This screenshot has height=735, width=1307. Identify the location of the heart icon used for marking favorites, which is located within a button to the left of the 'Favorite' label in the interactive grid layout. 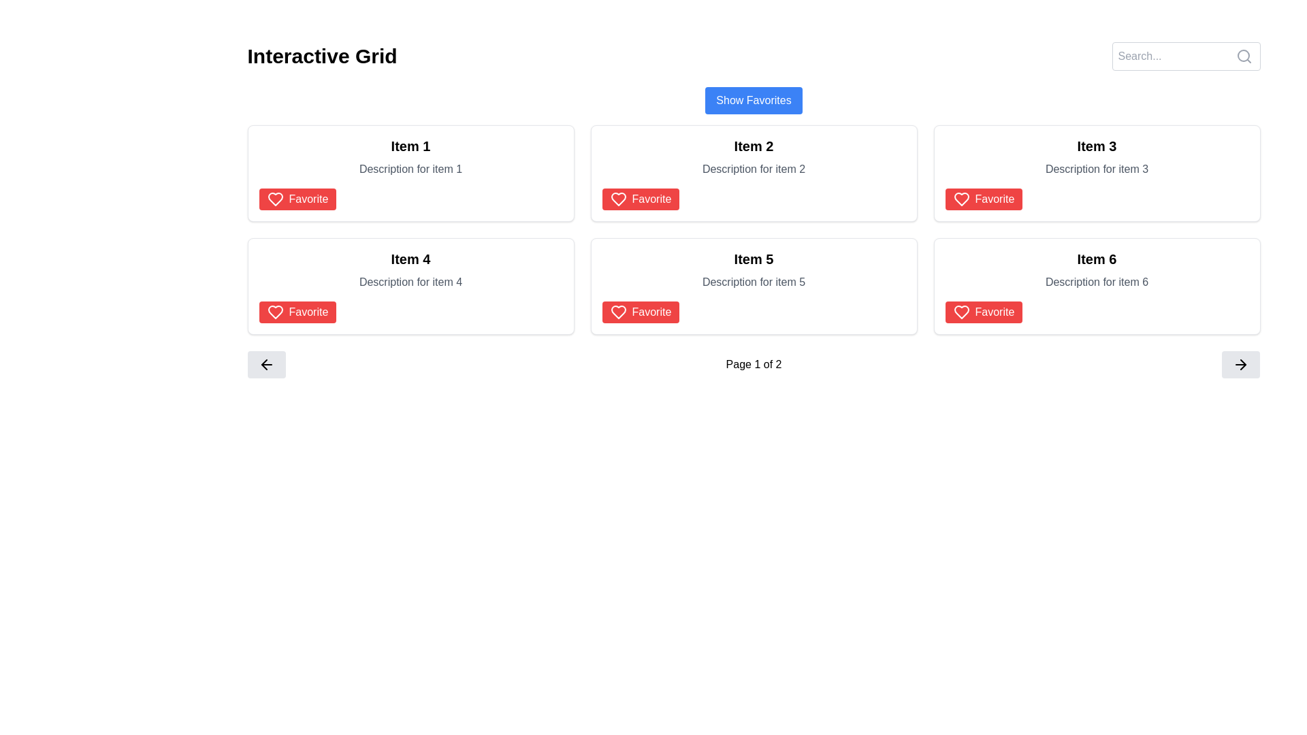
(961, 199).